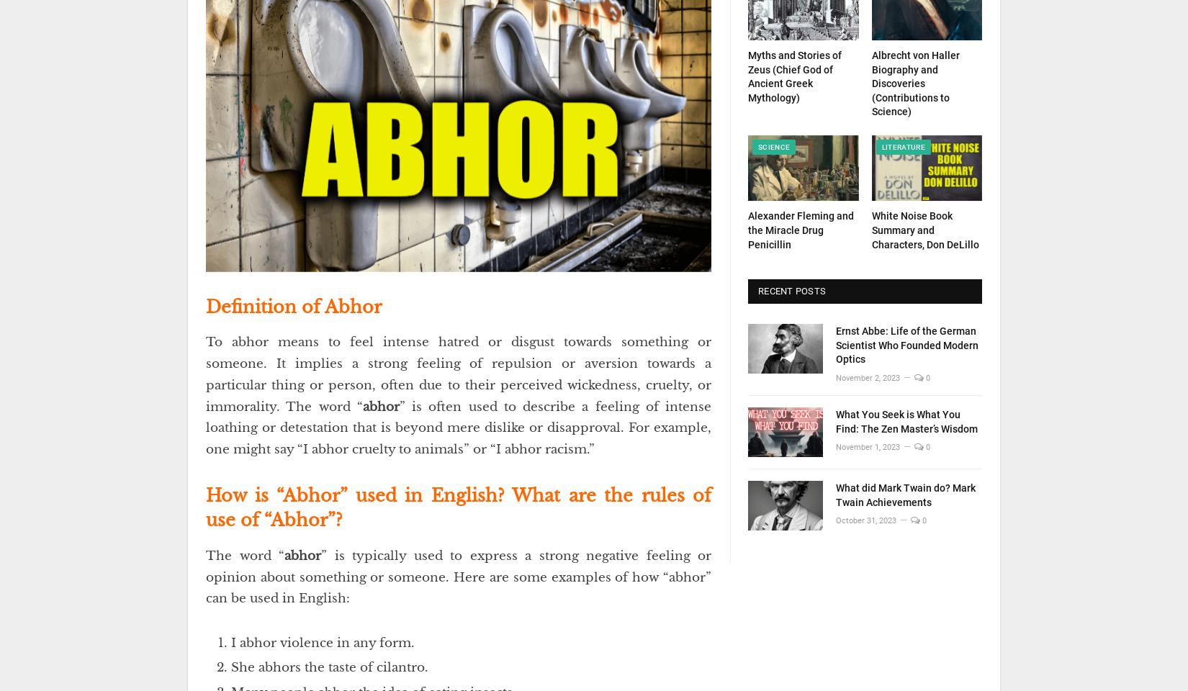 The width and height of the screenshot is (1188, 691). Describe the element at coordinates (245, 554) in the screenshot. I see `'The word “'` at that location.